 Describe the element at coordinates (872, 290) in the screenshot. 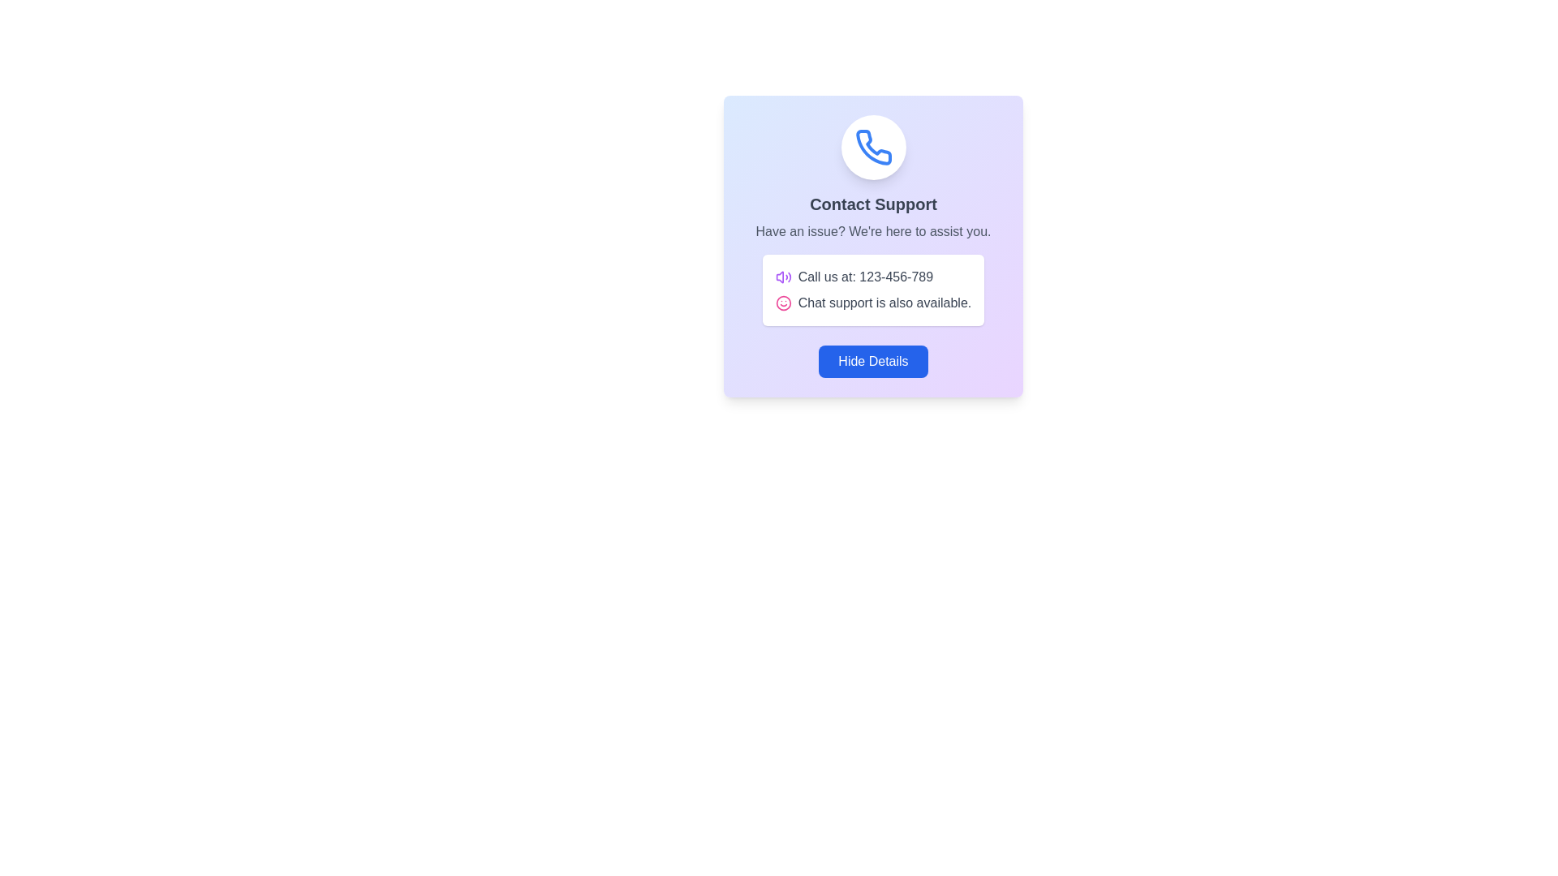

I see `the text block with icons that conveys contact options for support services, located below the subtitle 'Have an issue? We're here to assist you.' and above the action button` at that location.